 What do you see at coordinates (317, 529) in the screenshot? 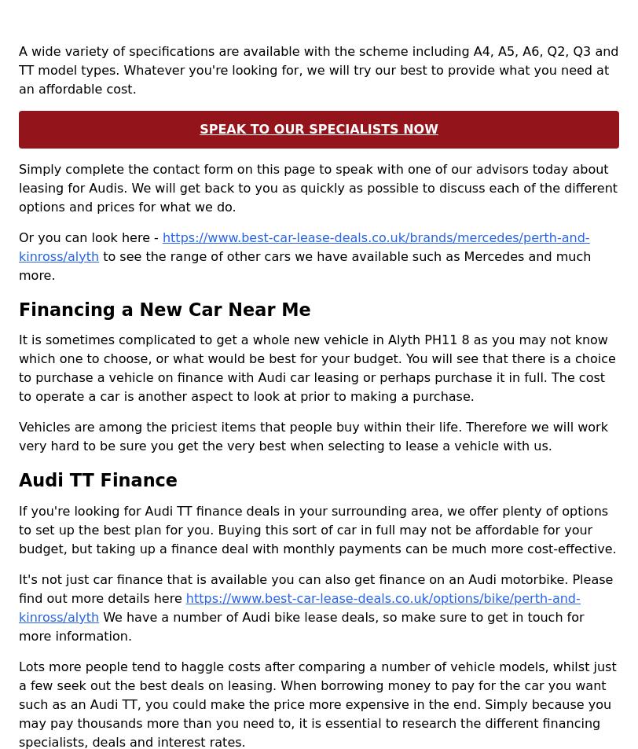
I see `'If you're looking for Audi TT finance deals in your surrounding area, we offer plenty of options to set up the best plan for you. Buying this sort of car in full may not be affordable for your budget, but taking up a finance deal with monthly payments can be much more cost-effective.'` at bounding box center [317, 529].